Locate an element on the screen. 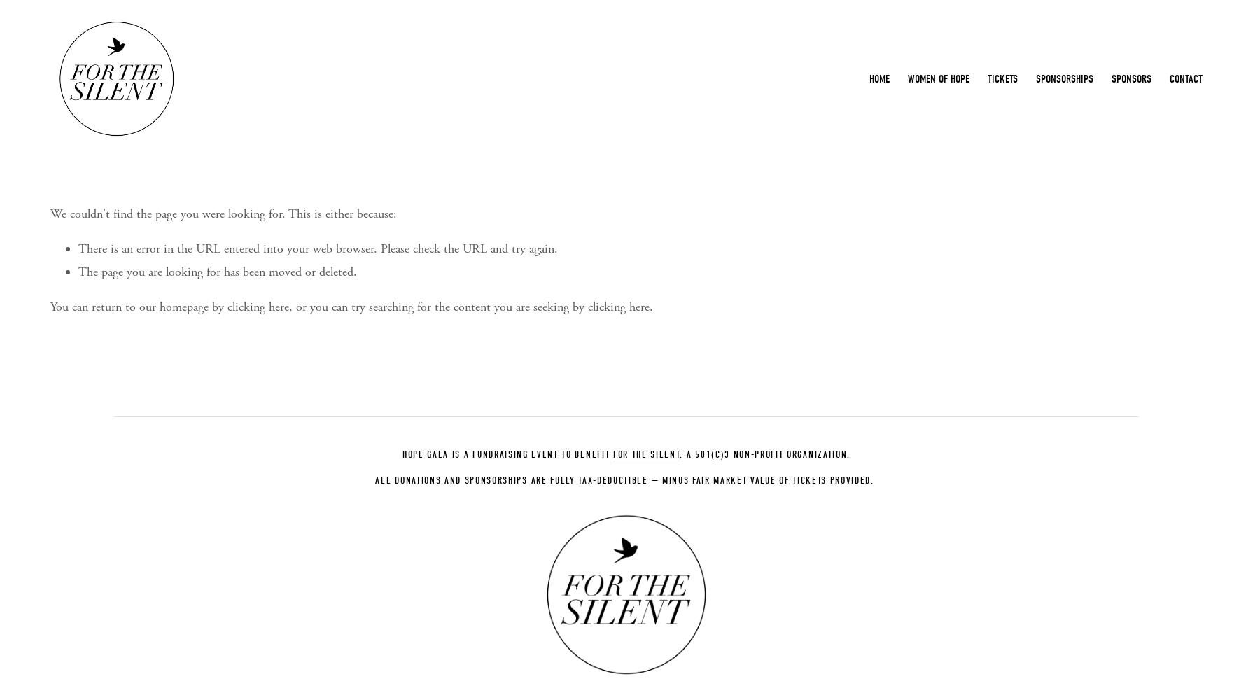 Image resolution: width=1253 pixels, height=700 pixels. 'TICKETS' is located at coordinates (987, 78).